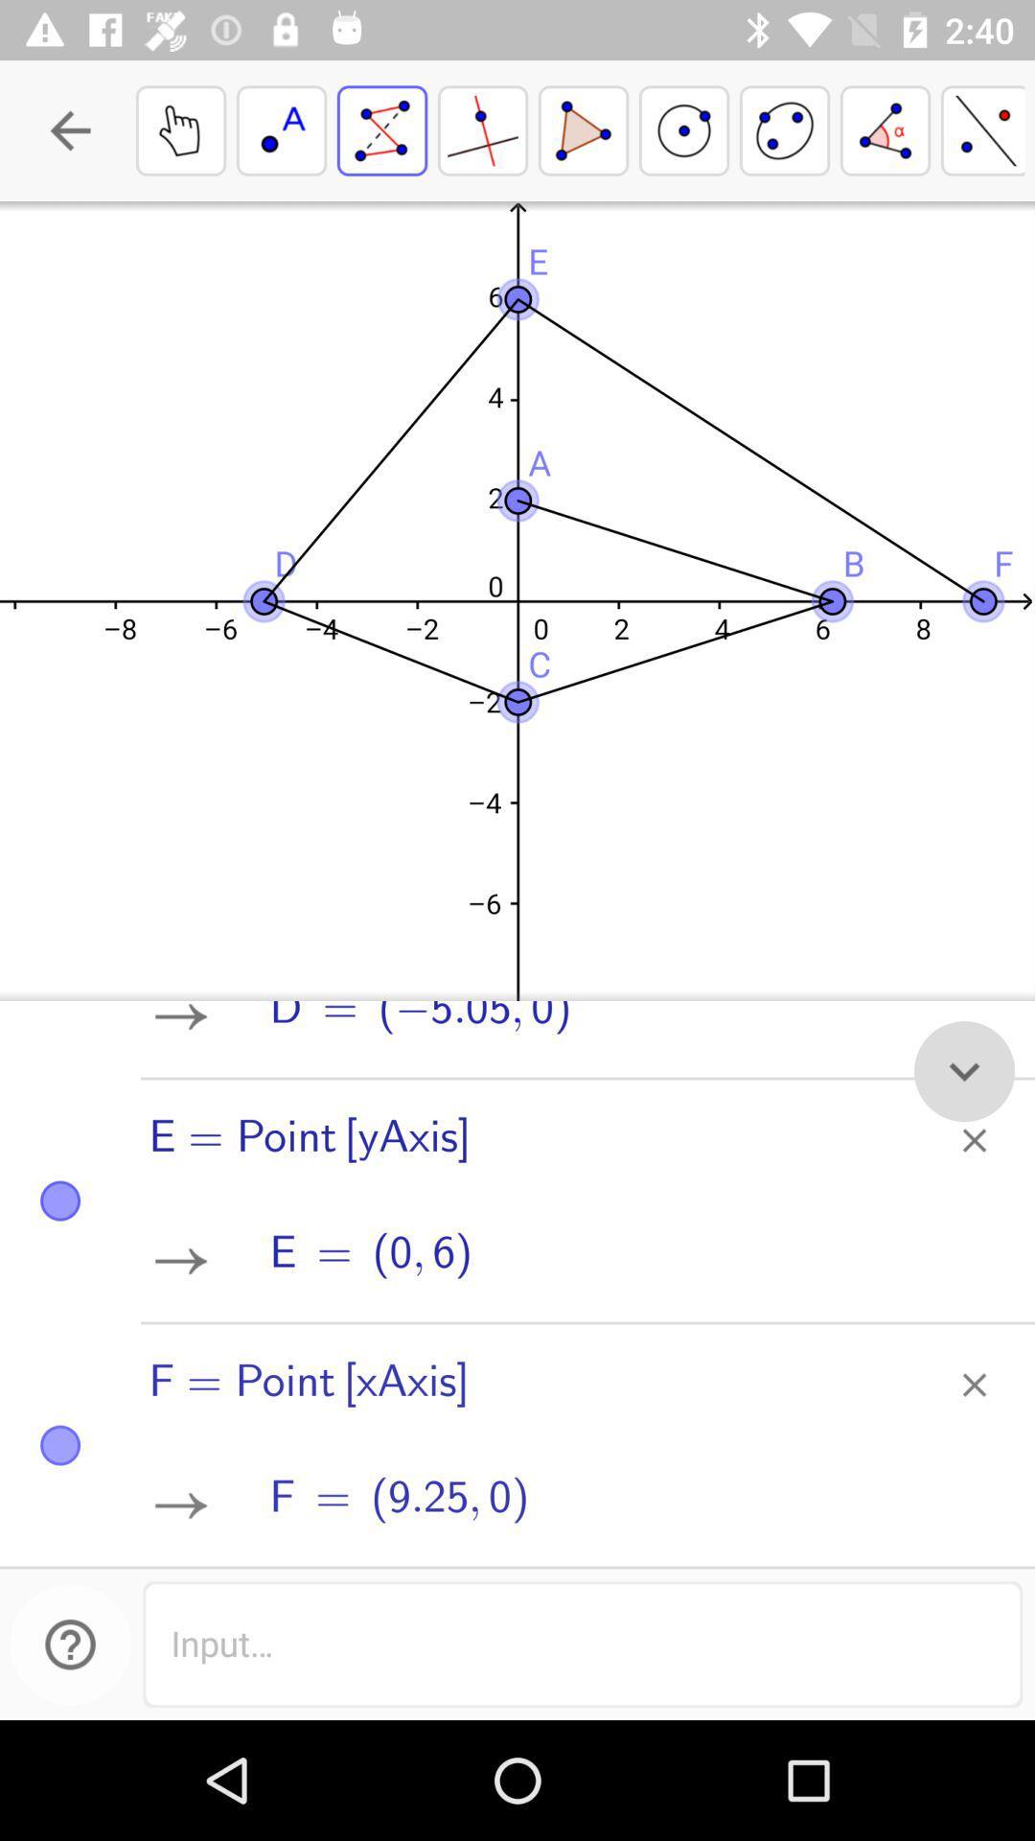 The height and width of the screenshot is (1841, 1035). Describe the element at coordinates (69, 1643) in the screenshot. I see `the help icon` at that location.